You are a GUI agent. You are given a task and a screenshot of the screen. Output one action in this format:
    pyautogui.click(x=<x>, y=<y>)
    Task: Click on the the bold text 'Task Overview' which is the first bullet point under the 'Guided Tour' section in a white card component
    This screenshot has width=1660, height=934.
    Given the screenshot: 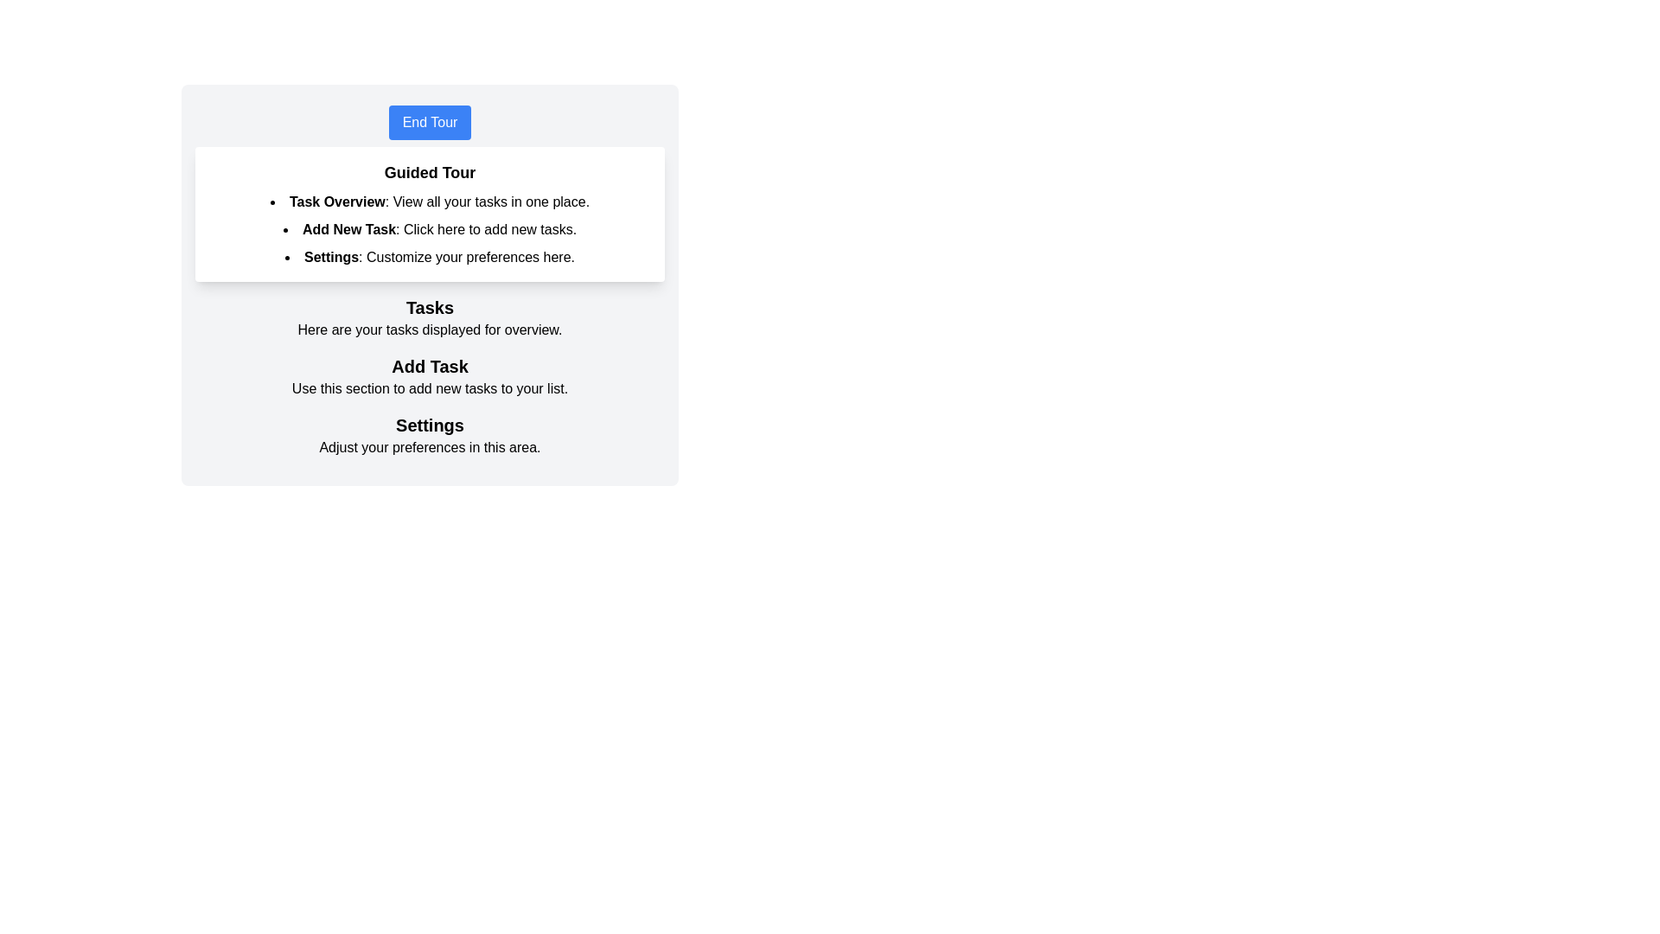 What is the action you would take?
    pyautogui.click(x=337, y=201)
    